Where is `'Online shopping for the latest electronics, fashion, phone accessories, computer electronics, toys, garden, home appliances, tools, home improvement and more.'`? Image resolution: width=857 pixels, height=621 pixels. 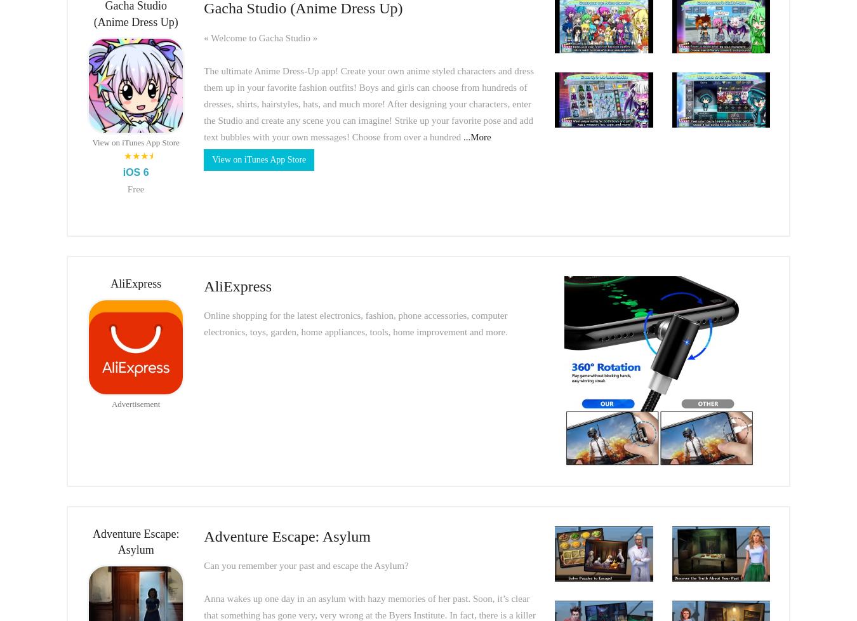
'Online shopping for the latest electronics, fashion, phone accessories, computer electronics, toys, garden, home appliances, tools, home improvement and more.' is located at coordinates (354, 324).